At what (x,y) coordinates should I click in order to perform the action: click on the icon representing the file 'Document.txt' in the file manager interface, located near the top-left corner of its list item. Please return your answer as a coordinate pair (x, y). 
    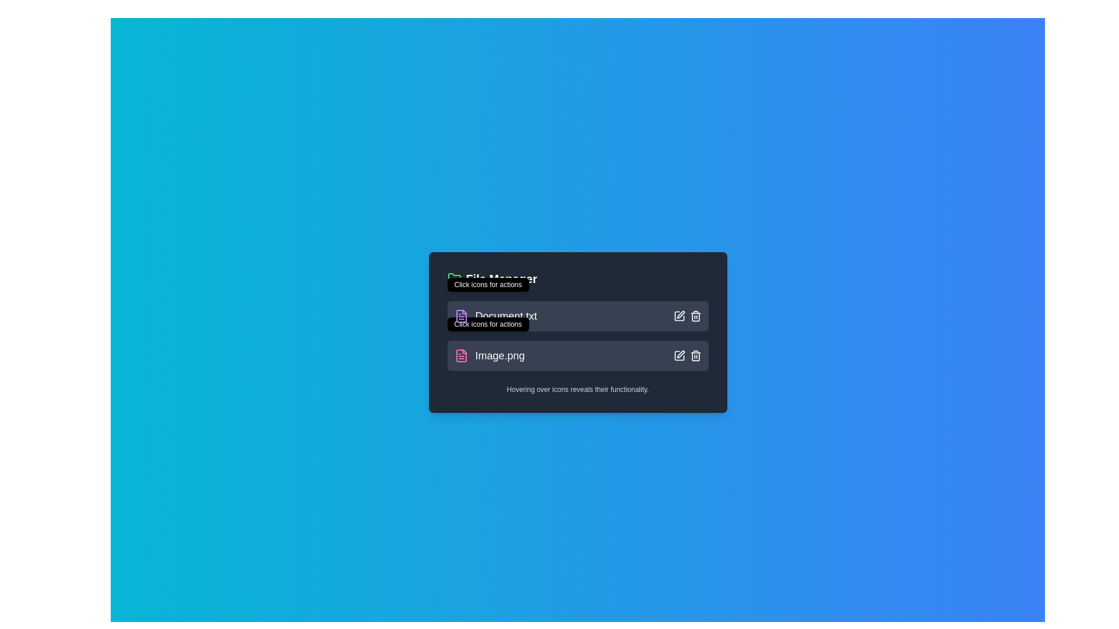
    Looking at the image, I should click on (460, 355).